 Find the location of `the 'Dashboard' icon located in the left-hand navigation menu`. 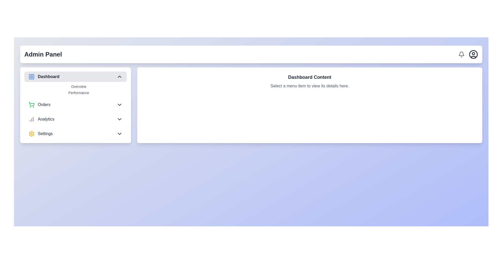

the 'Dashboard' icon located in the left-hand navigation menu is located at coordinates (31, 77).